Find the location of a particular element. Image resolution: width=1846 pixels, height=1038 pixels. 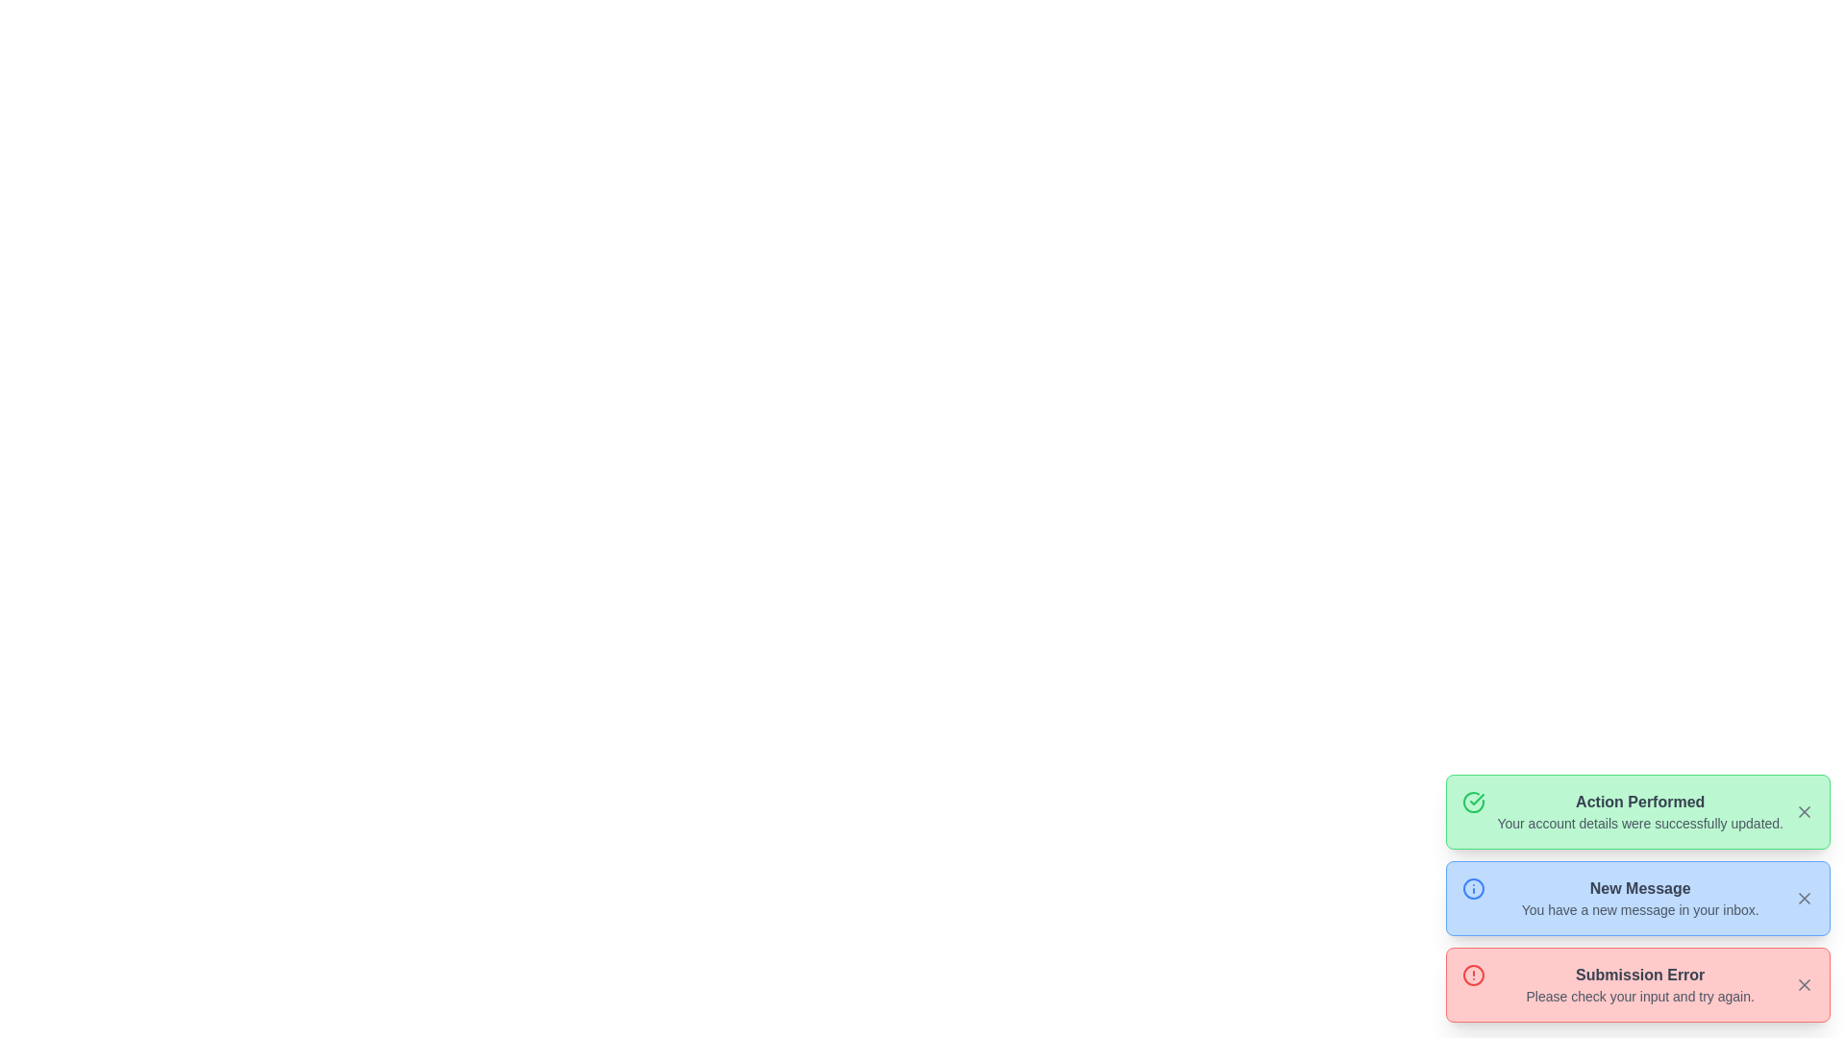

the button located on the right edge of the 'Submission Error' notification box is located at coordinates (1803, 985).